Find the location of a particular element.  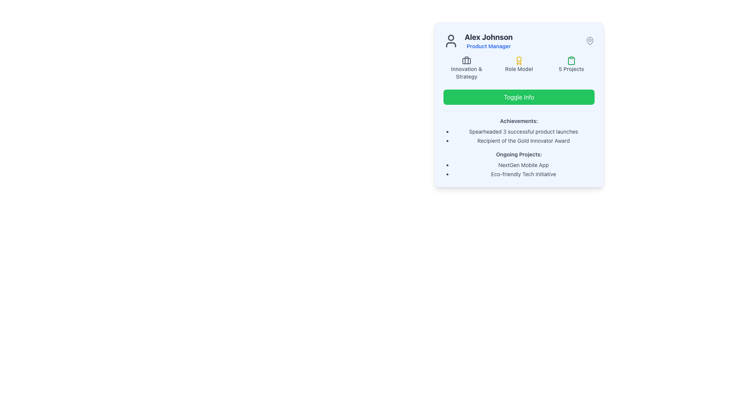

text label serving as the heading for the achievements section, located above the bulleted list and below the separator line is located at coordinates (519, 121).